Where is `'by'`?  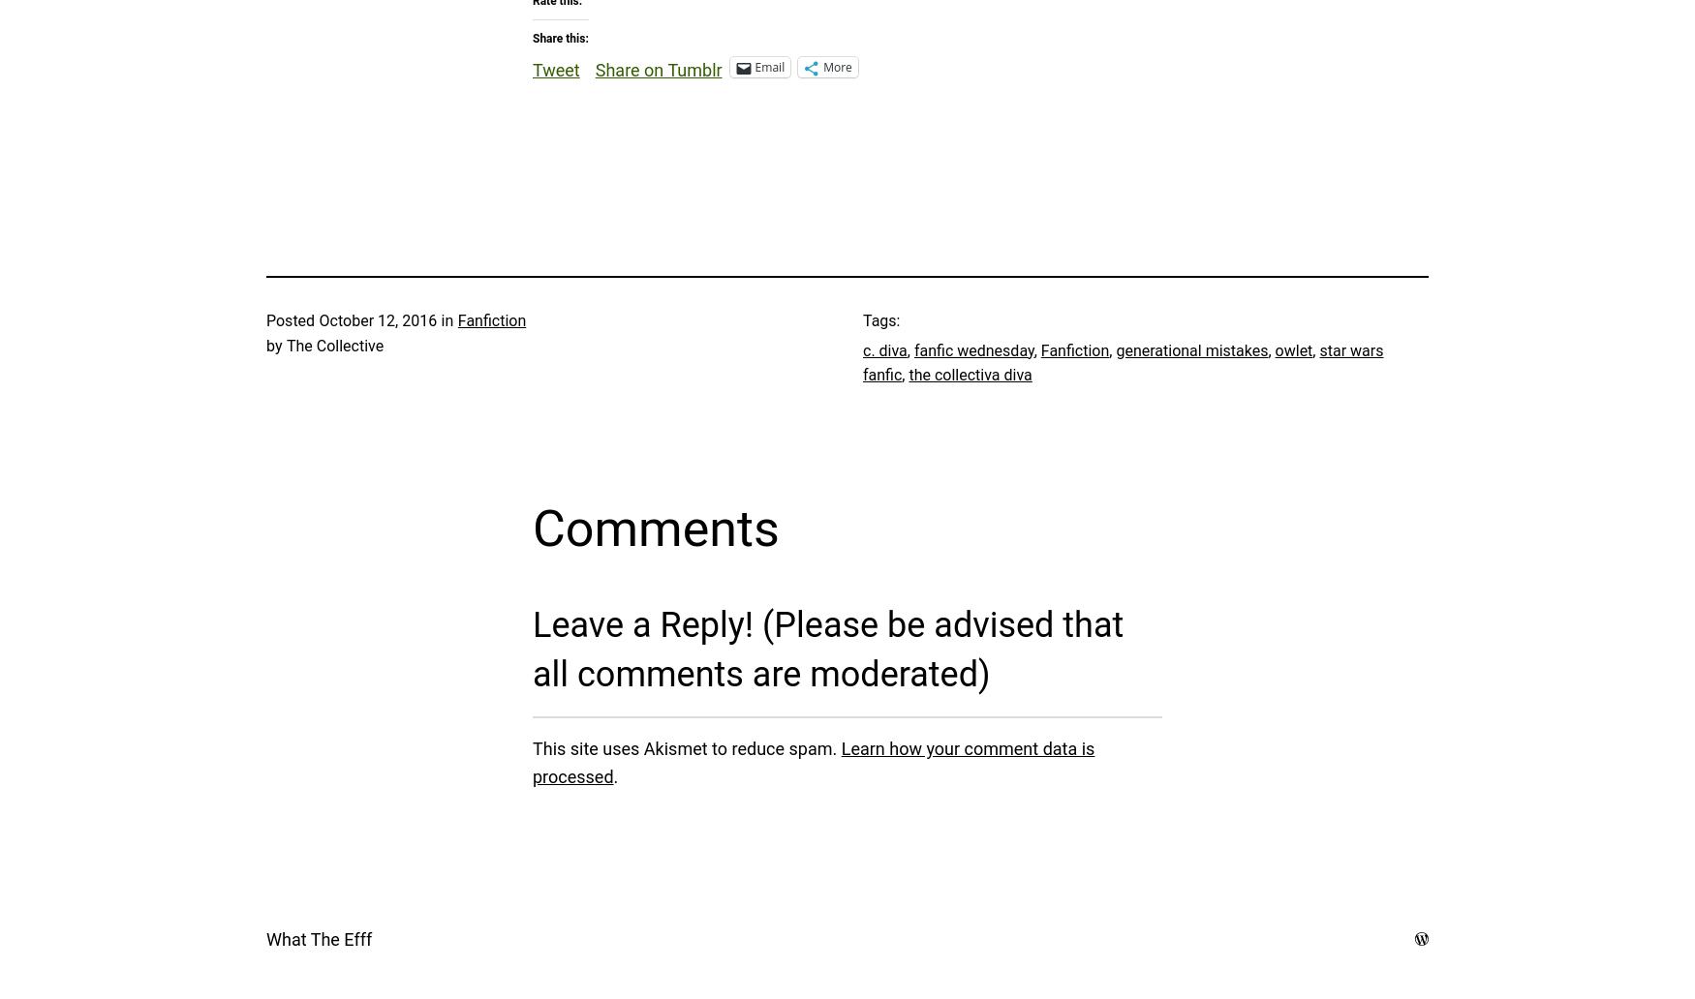
'by' is located at coordinates (272, 346).